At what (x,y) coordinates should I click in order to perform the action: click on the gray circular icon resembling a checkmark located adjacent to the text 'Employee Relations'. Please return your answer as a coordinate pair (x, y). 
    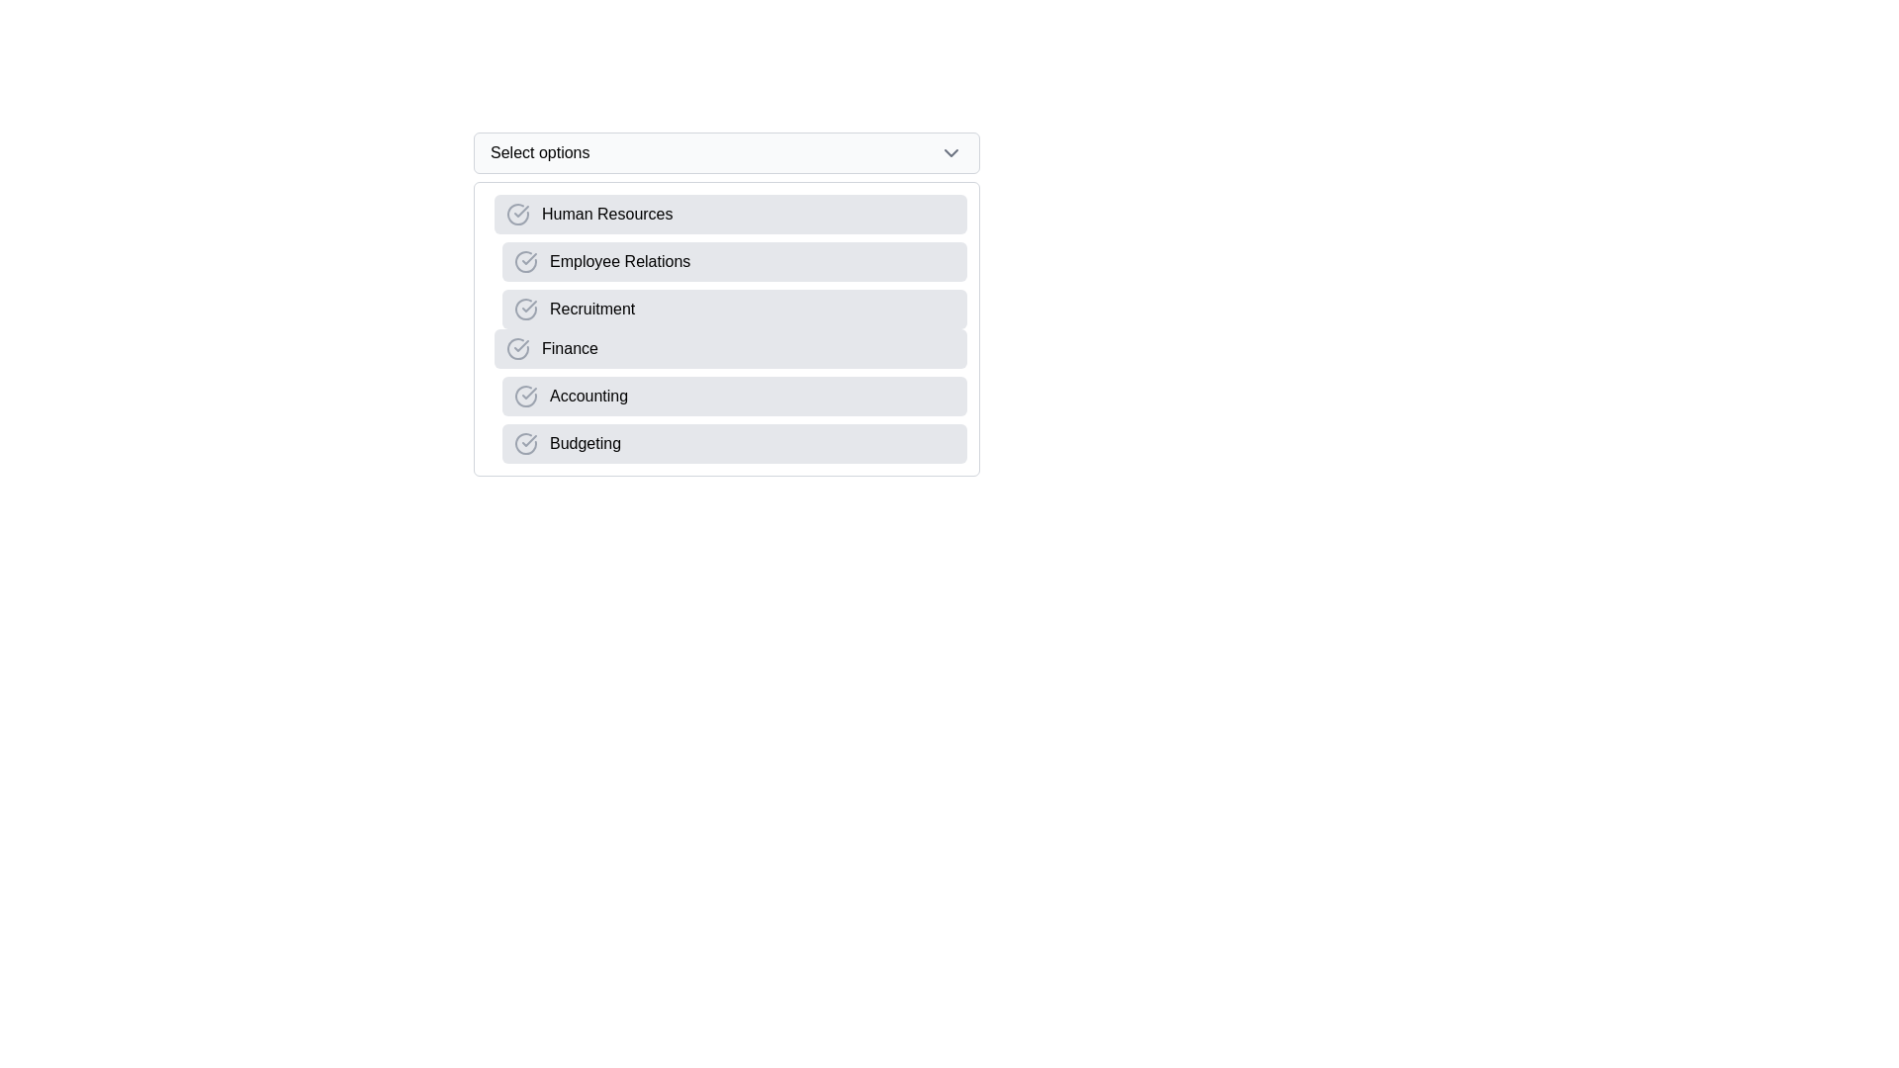
    Looking at the image, I should click on (526, 261).